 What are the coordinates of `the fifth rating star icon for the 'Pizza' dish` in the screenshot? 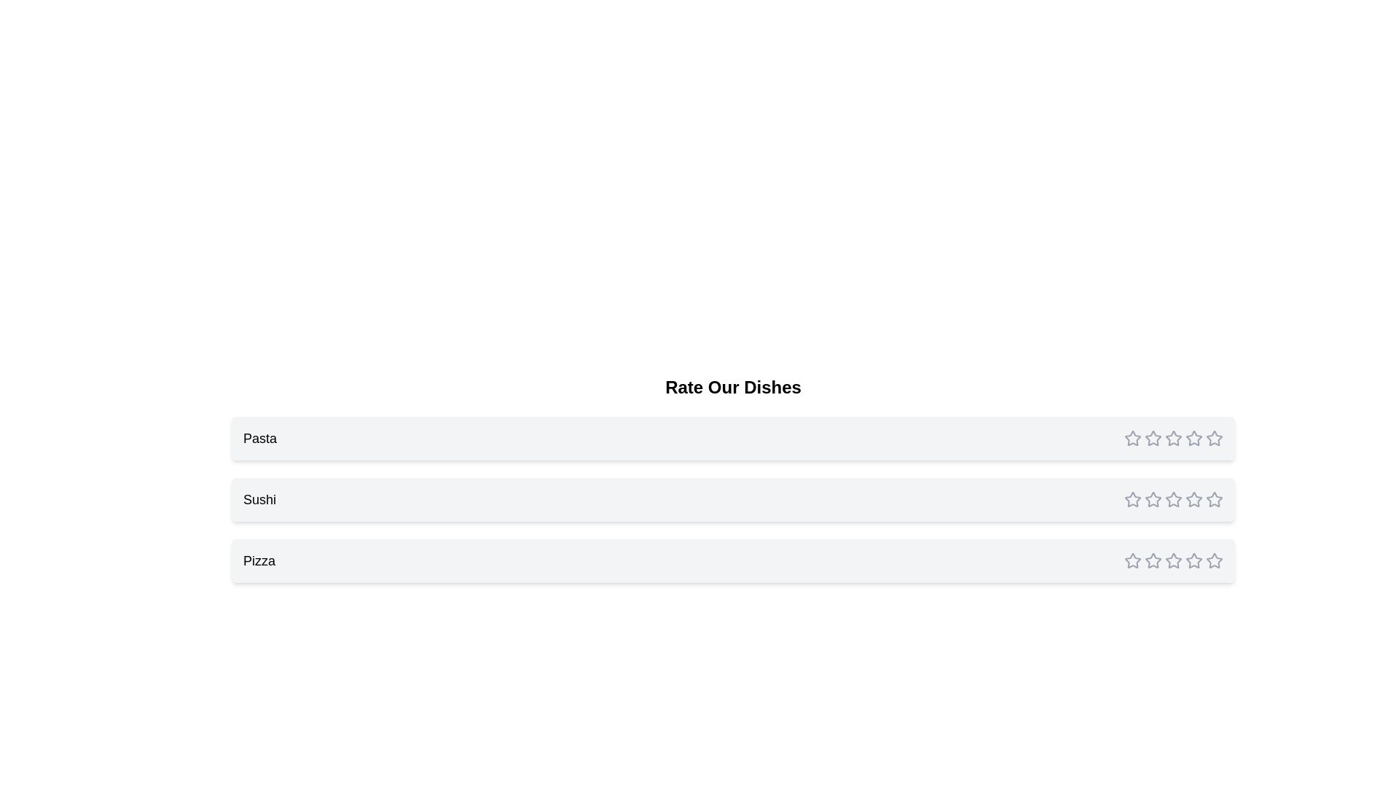 It's located at (1214, 560).